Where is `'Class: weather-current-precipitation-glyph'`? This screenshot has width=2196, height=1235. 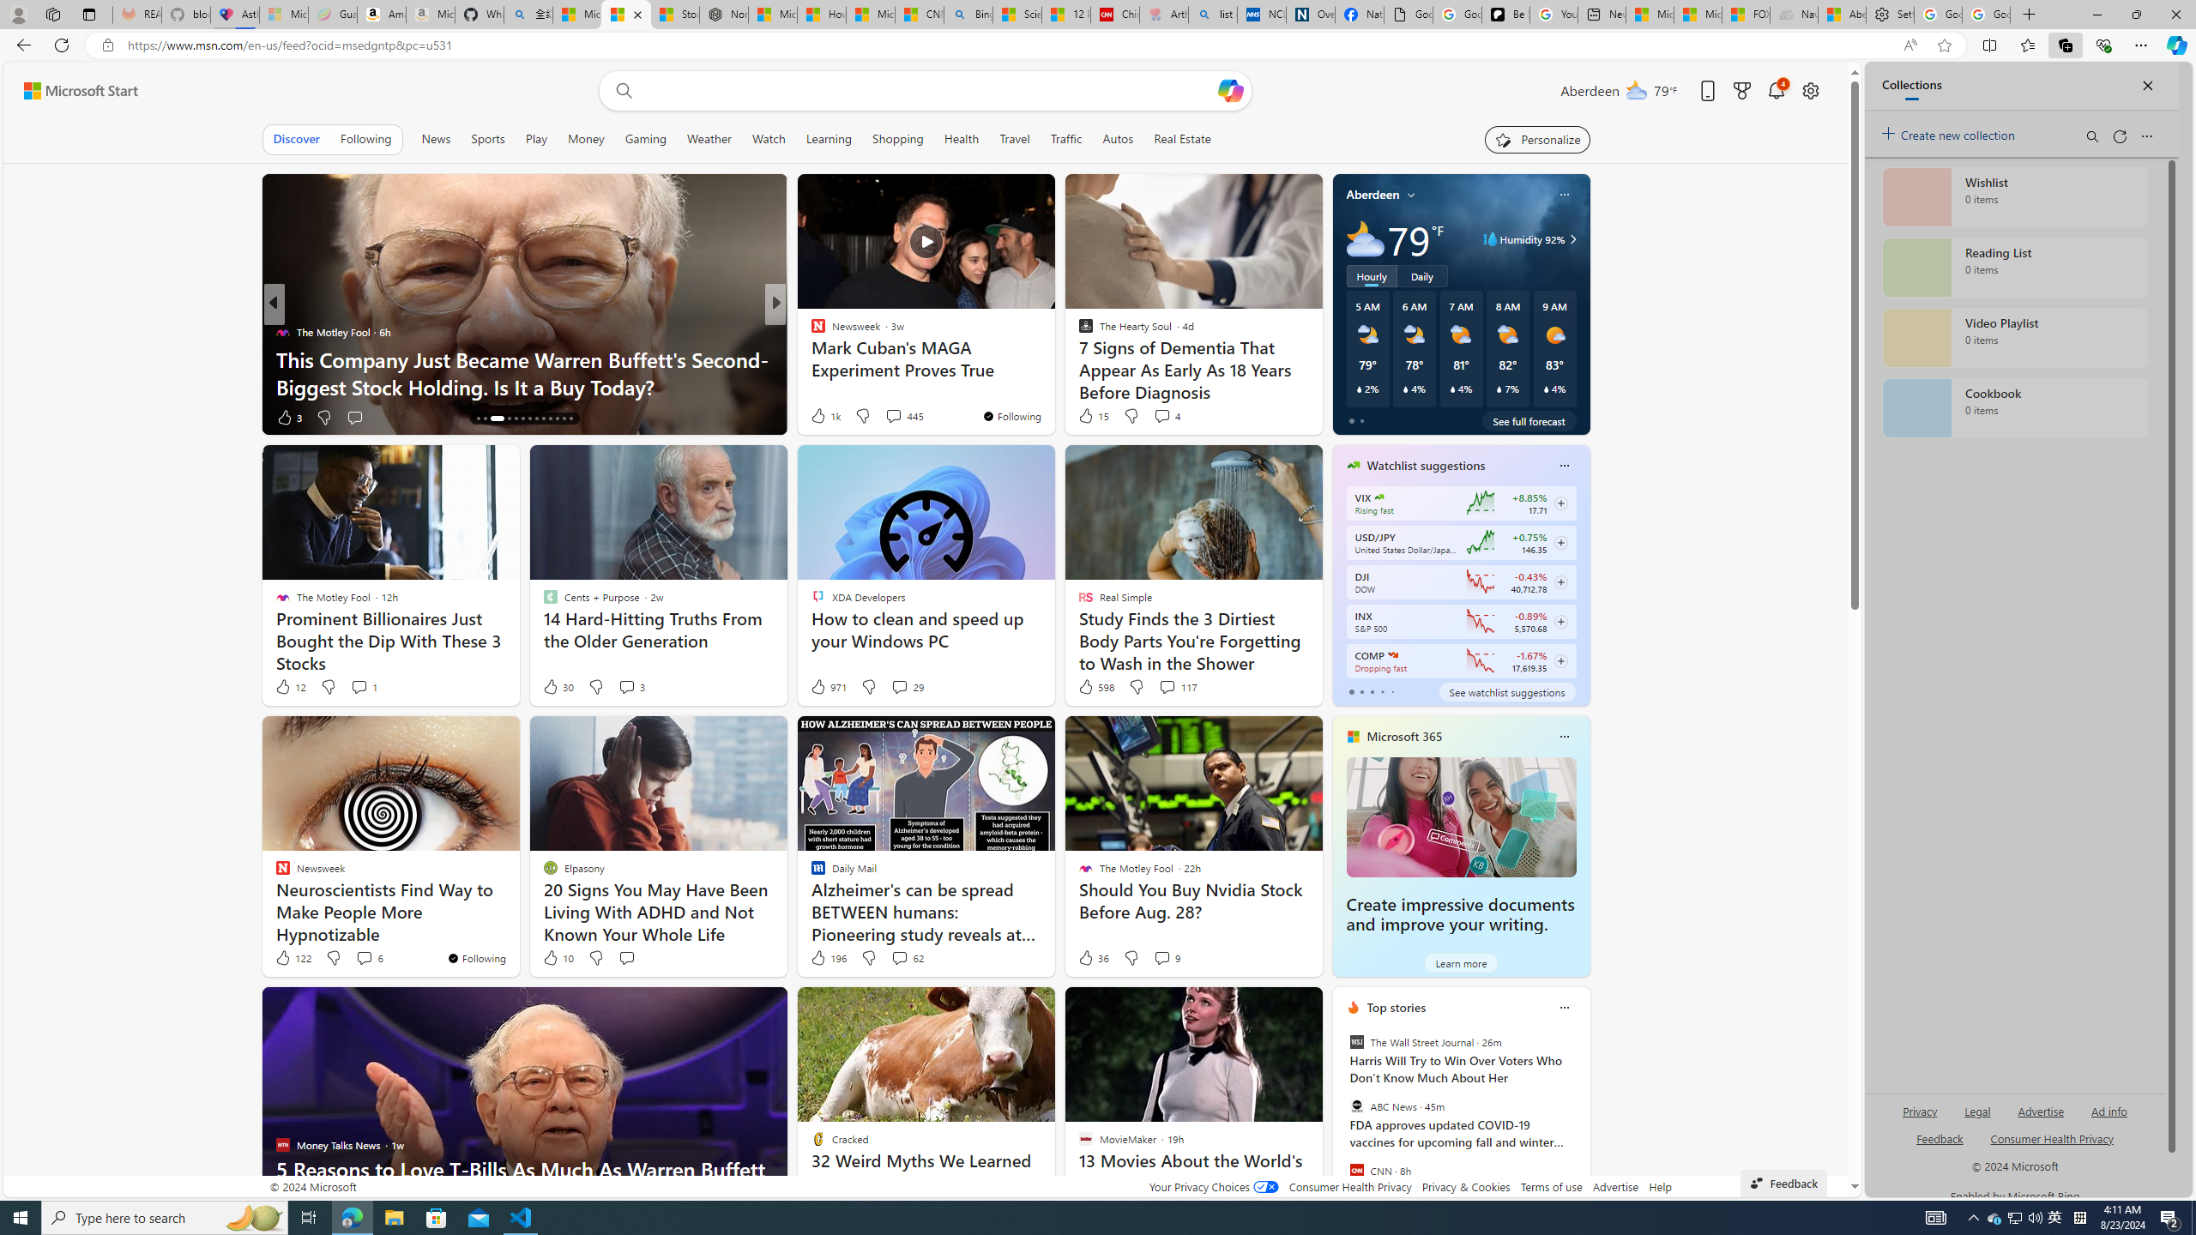 'Class: weather-current-precipitation-glyph' is located at coordinates (1545, 388).